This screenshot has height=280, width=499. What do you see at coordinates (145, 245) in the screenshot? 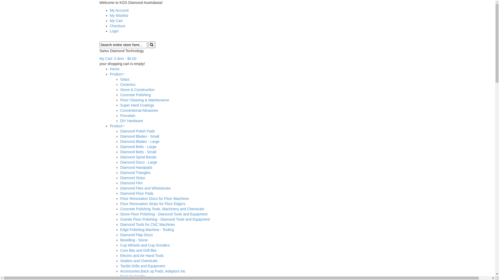
I see `'Cup Wheels and Cup Grinders'` at bounding box center [145, 245].